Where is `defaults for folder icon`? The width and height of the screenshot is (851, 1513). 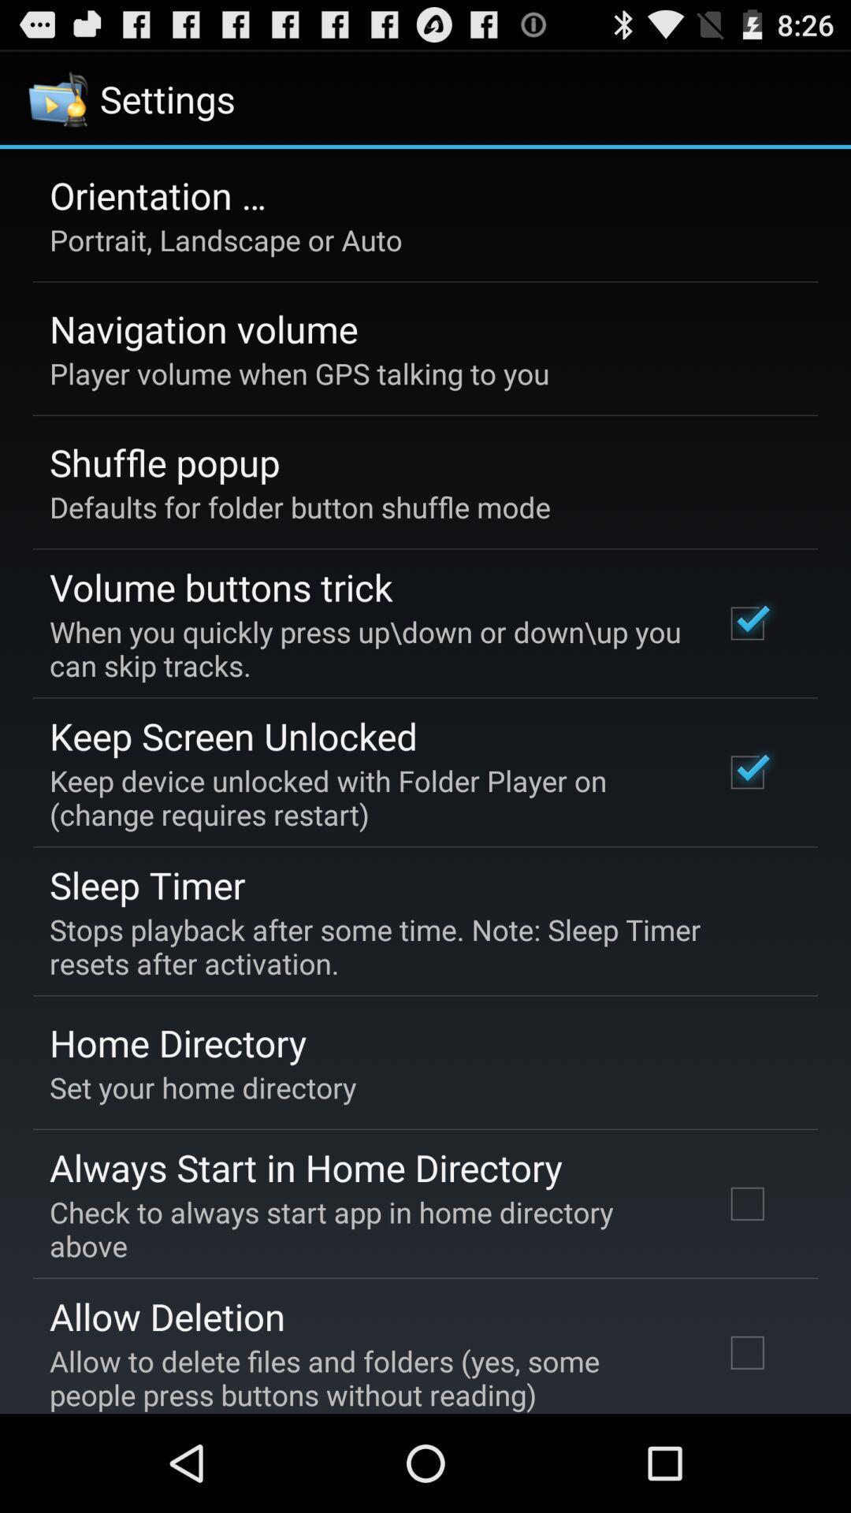 defaults for folder icon is located at coordinates (300, 507).